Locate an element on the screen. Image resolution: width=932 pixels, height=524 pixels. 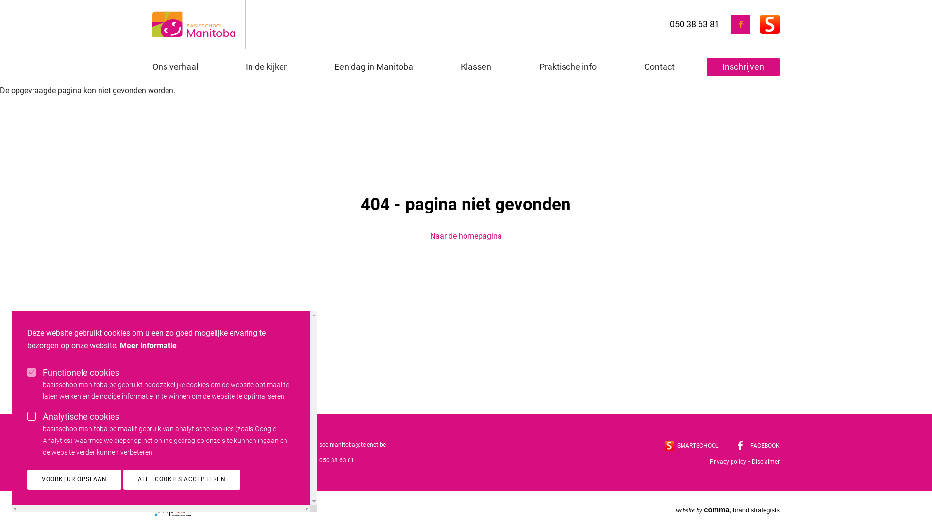
'Meer informatie' is located at coordinates (119, 345).